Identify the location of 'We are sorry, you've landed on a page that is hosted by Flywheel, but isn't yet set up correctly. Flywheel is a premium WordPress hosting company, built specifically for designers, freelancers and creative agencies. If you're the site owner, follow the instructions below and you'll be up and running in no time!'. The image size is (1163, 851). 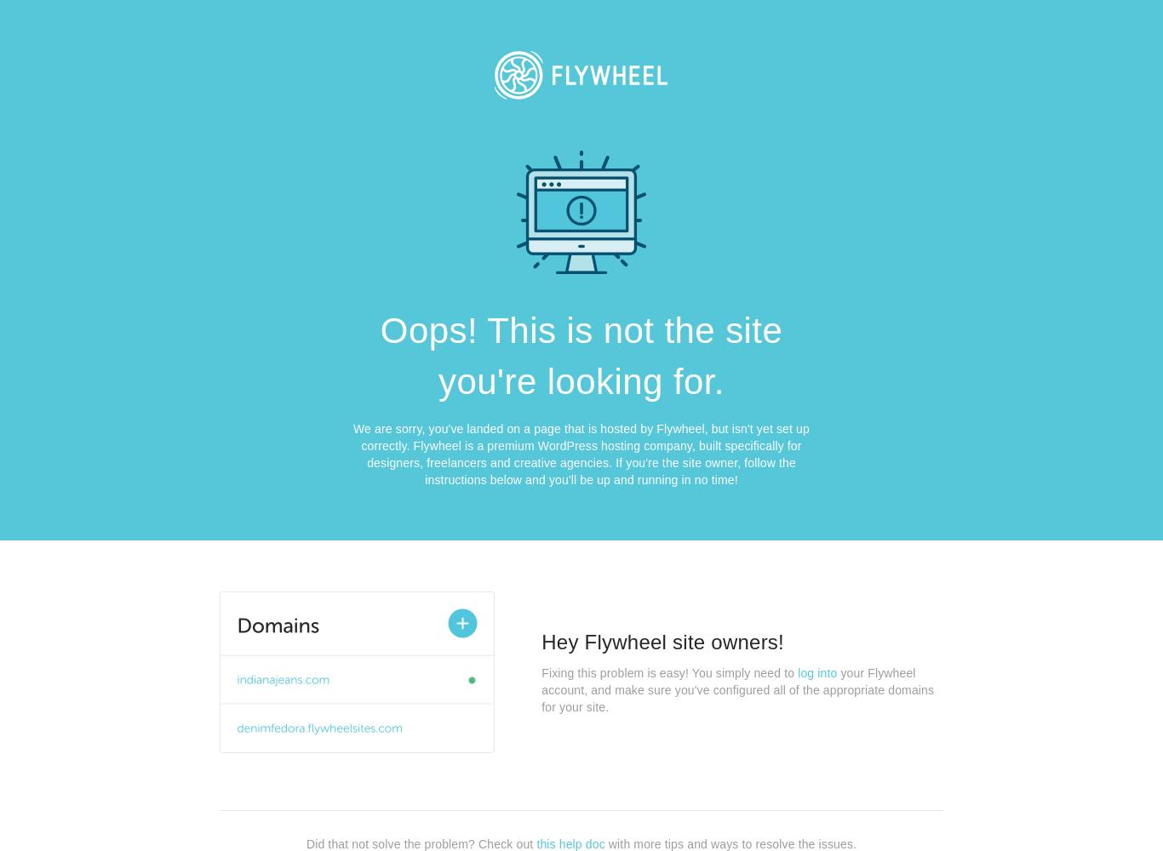
(352, 454).